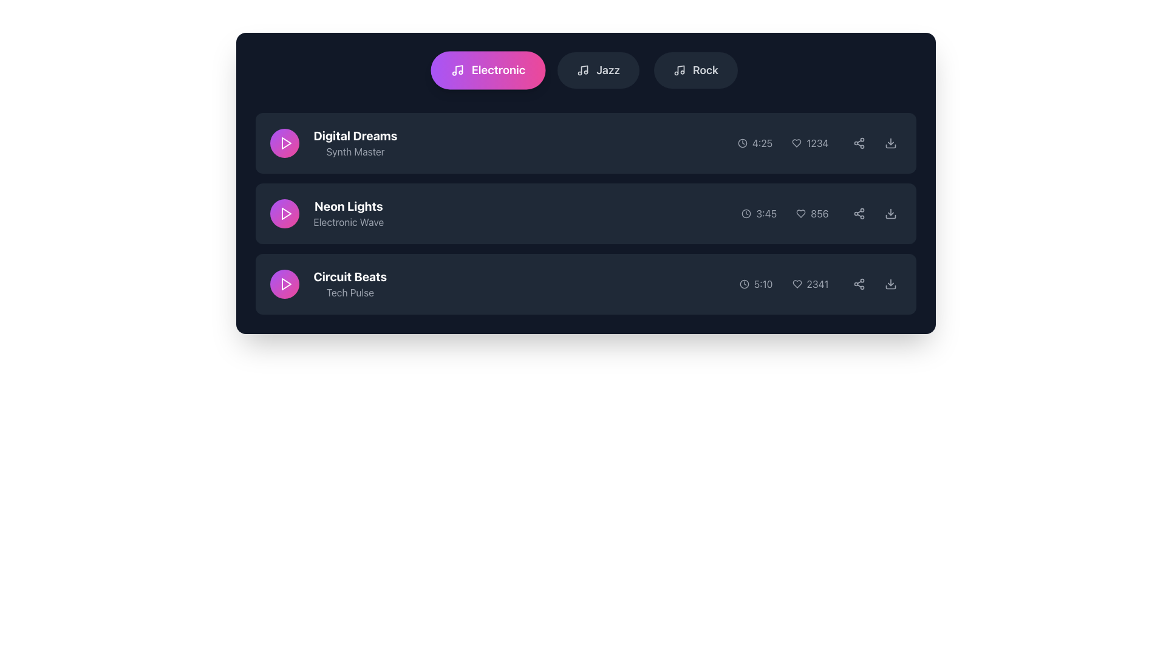 The height and width of the screenshot is (656, 1166). What do you see at coordinates (820, 284) in the screenshot?
I see `the informational metadata grouping displaying the clock icon with '5:10' and the heart icon with '2341', located in the lower section of the row for the music track 'Circuit Beats'` at bounding box center [820, 284].